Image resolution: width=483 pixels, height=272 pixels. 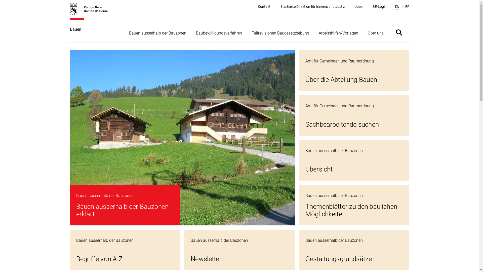 I want to click on 'Suche ein- oder ausblenden', so click(x=398, y=32).